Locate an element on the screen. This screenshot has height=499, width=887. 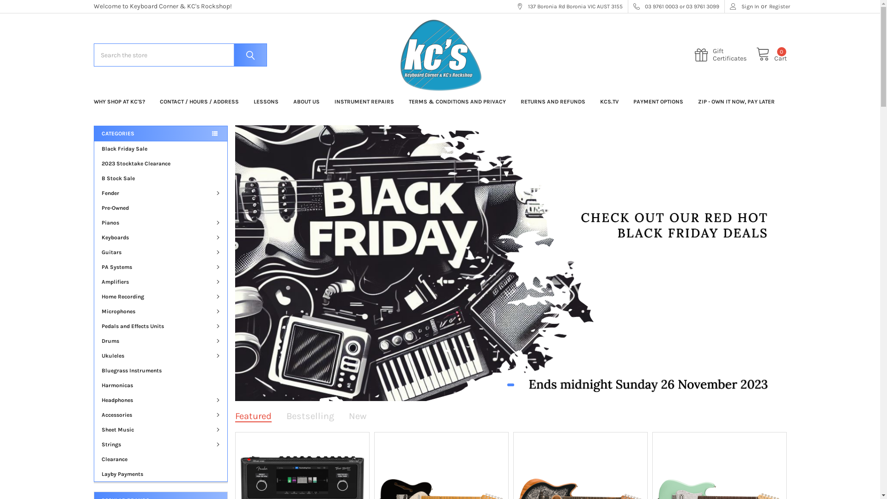
'Headphones' is located at coordinates (160, 400).